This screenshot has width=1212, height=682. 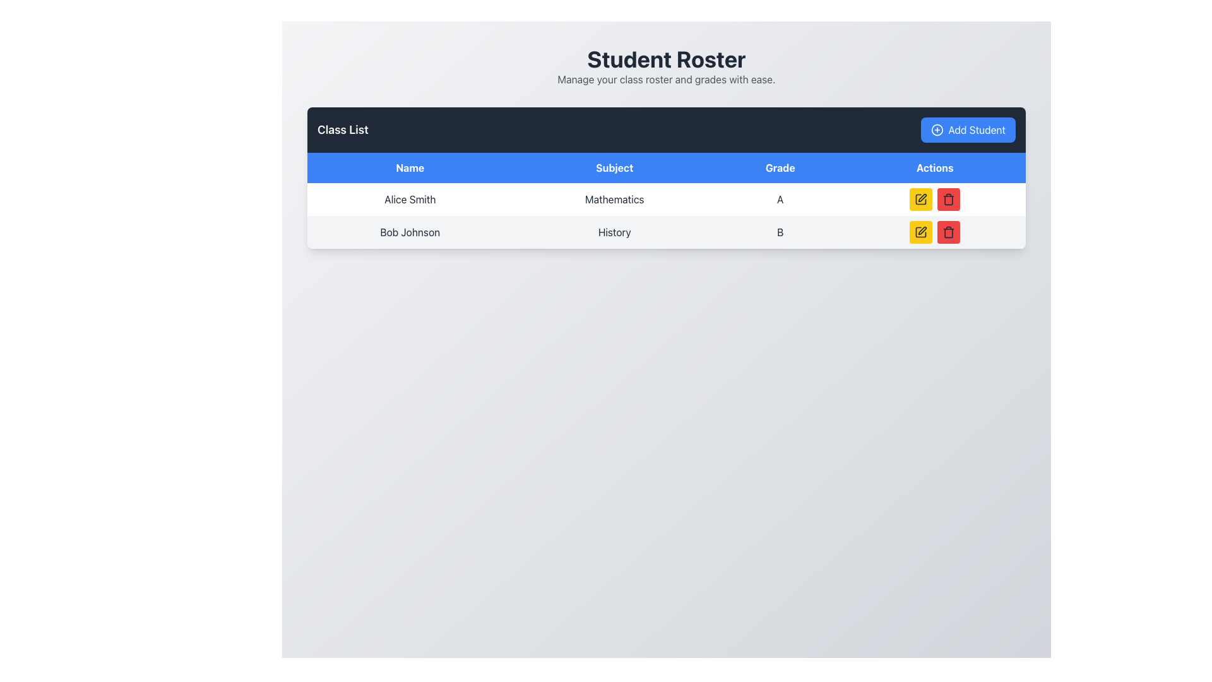 What do you see at coordinates (343, 129) in the screenshot?
I see `text from the 'Class List' label, which is a bold white text on a dark rectangular background located at the top-left of the section` at bounding box center [343, 129].